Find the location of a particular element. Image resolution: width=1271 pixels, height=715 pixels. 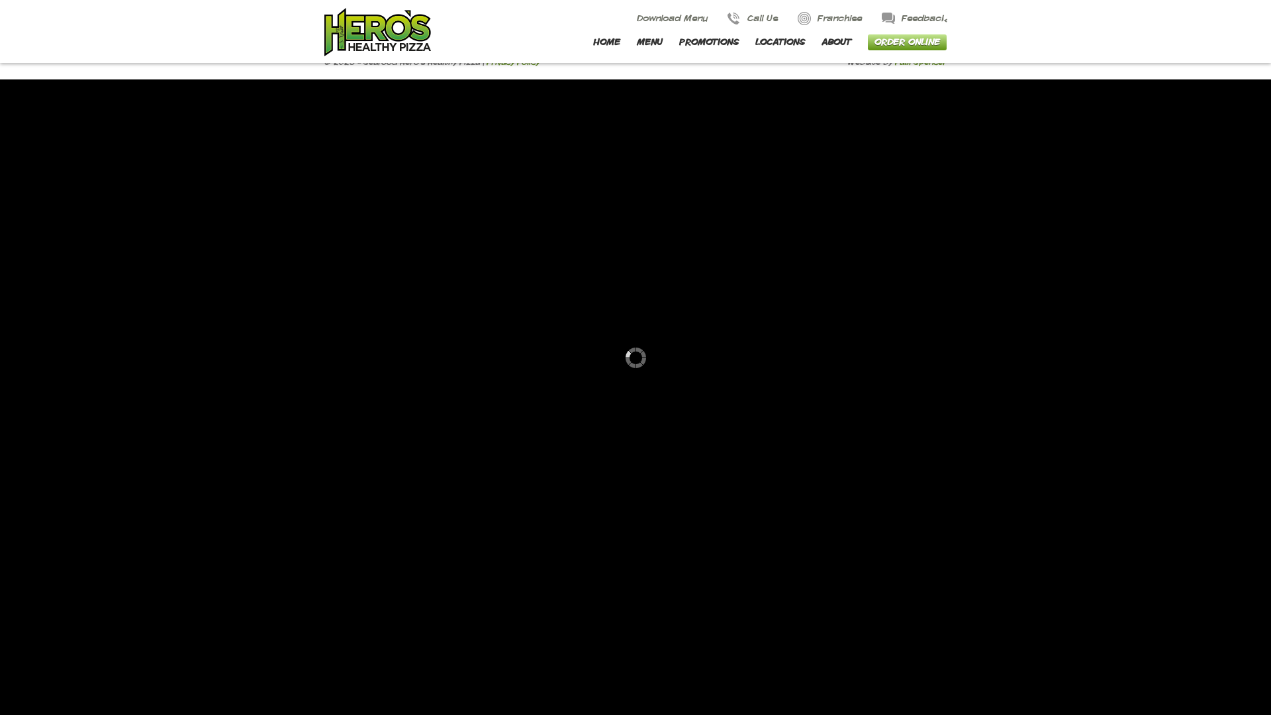

'Hero's Healthy Pizza' is located at coordinates (324, 31).